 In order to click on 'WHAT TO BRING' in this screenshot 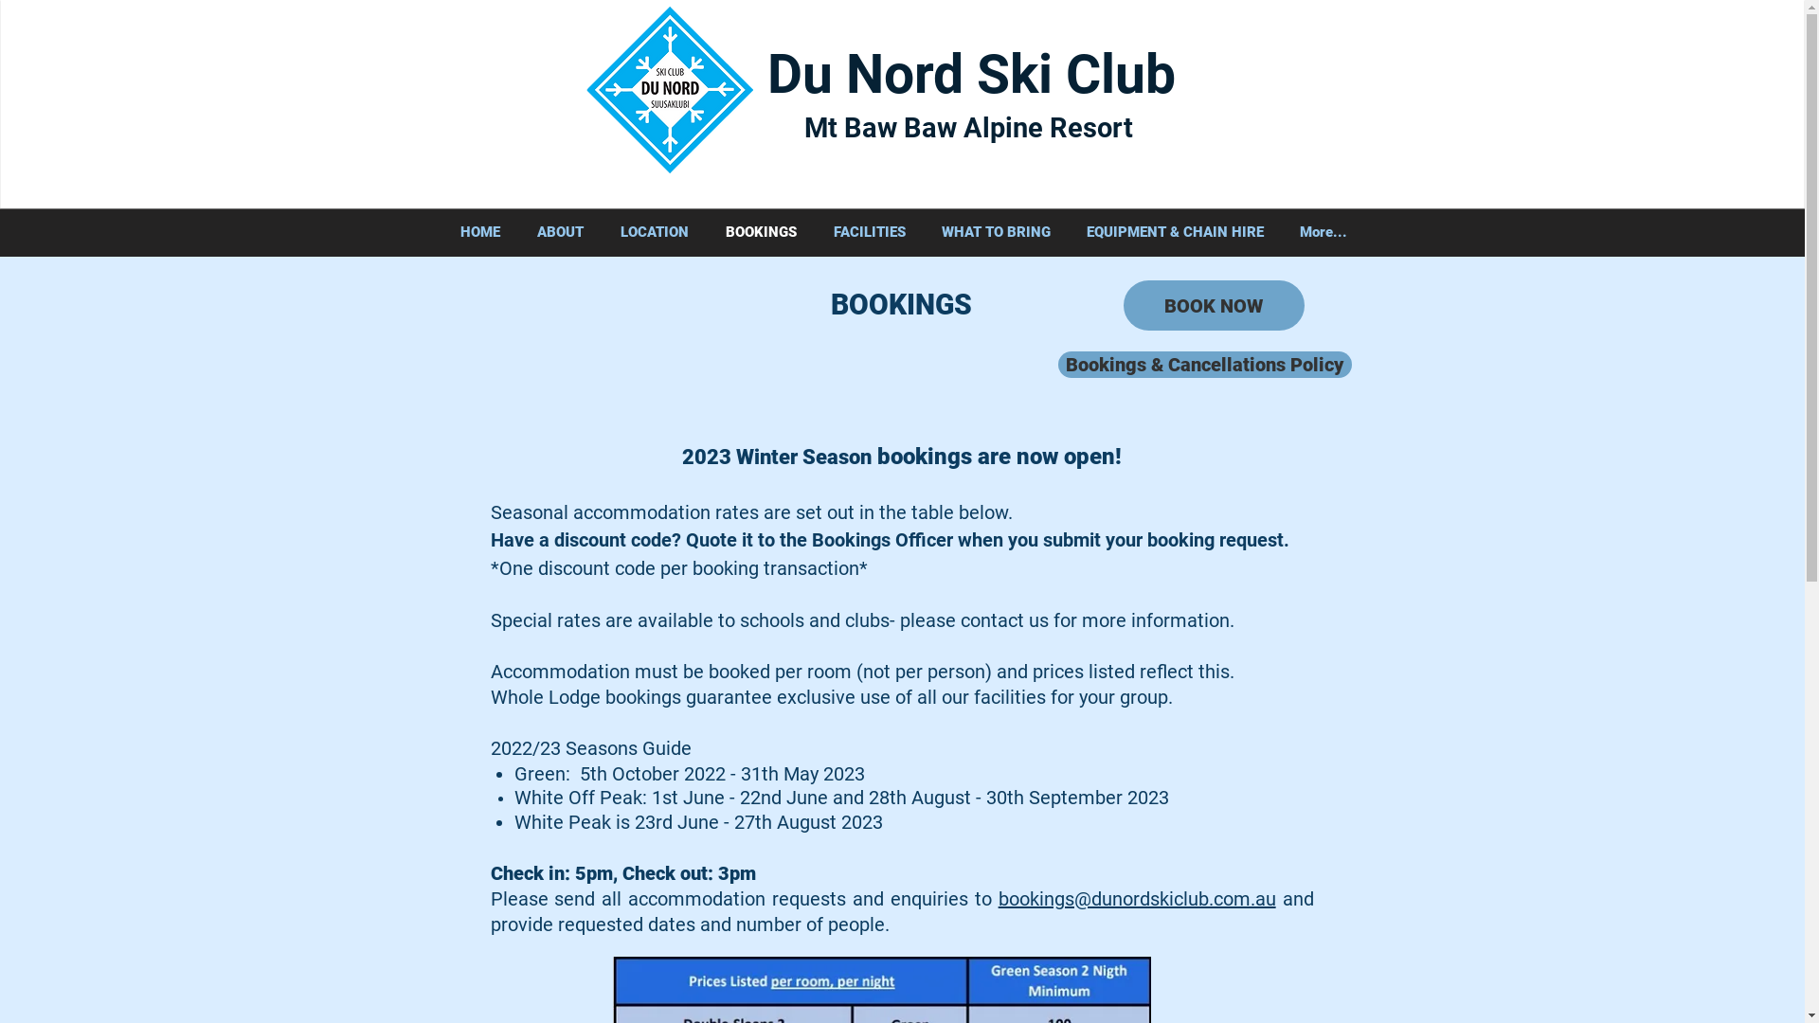, I will do `click(994, 231)`.